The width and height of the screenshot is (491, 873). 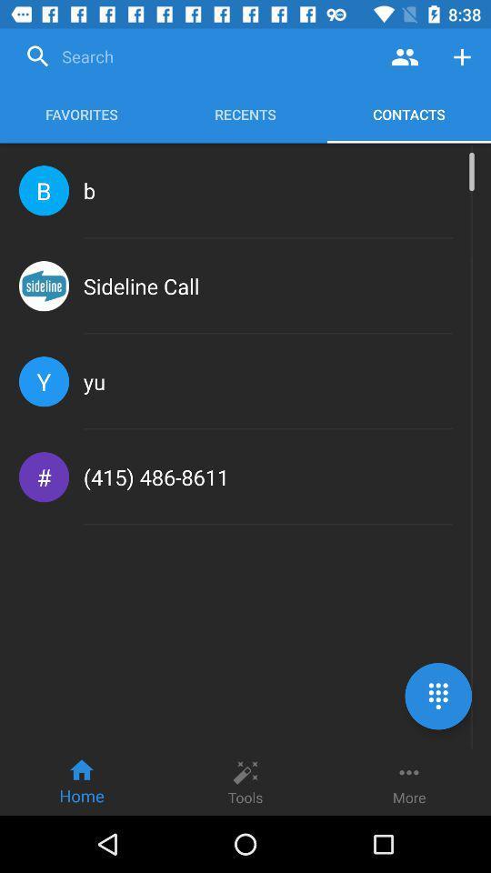 What do you see at coordinates (405, 56) in the screenshot?
I see `search contacts` at bounding box center [405, 56].